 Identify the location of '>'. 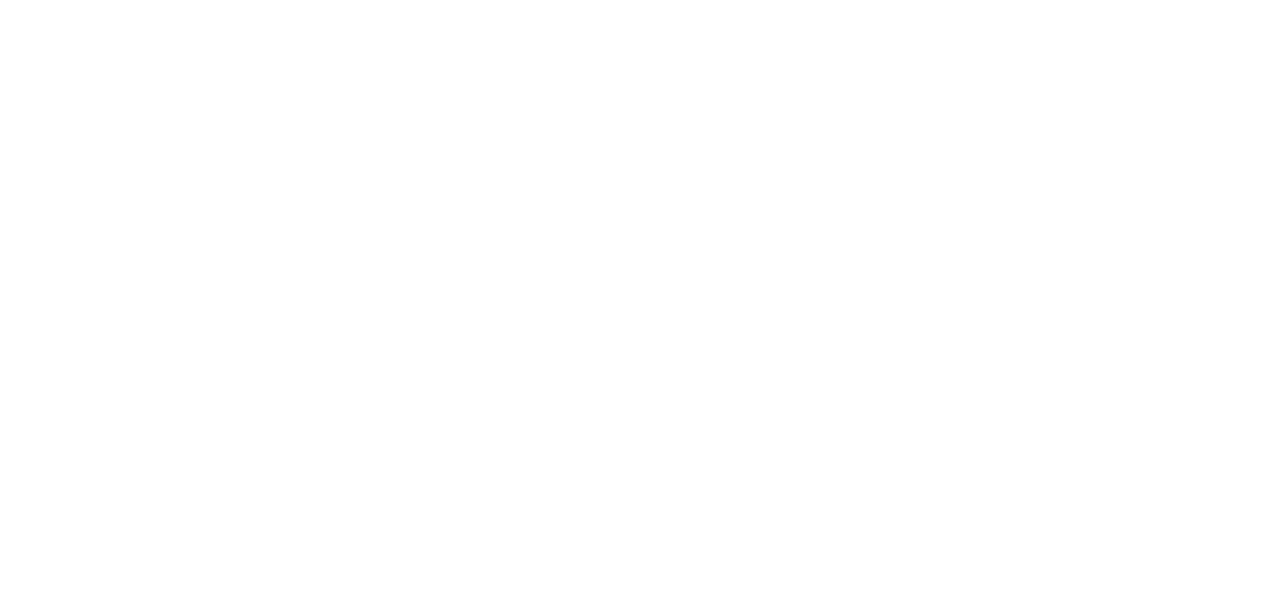
(504, 504).